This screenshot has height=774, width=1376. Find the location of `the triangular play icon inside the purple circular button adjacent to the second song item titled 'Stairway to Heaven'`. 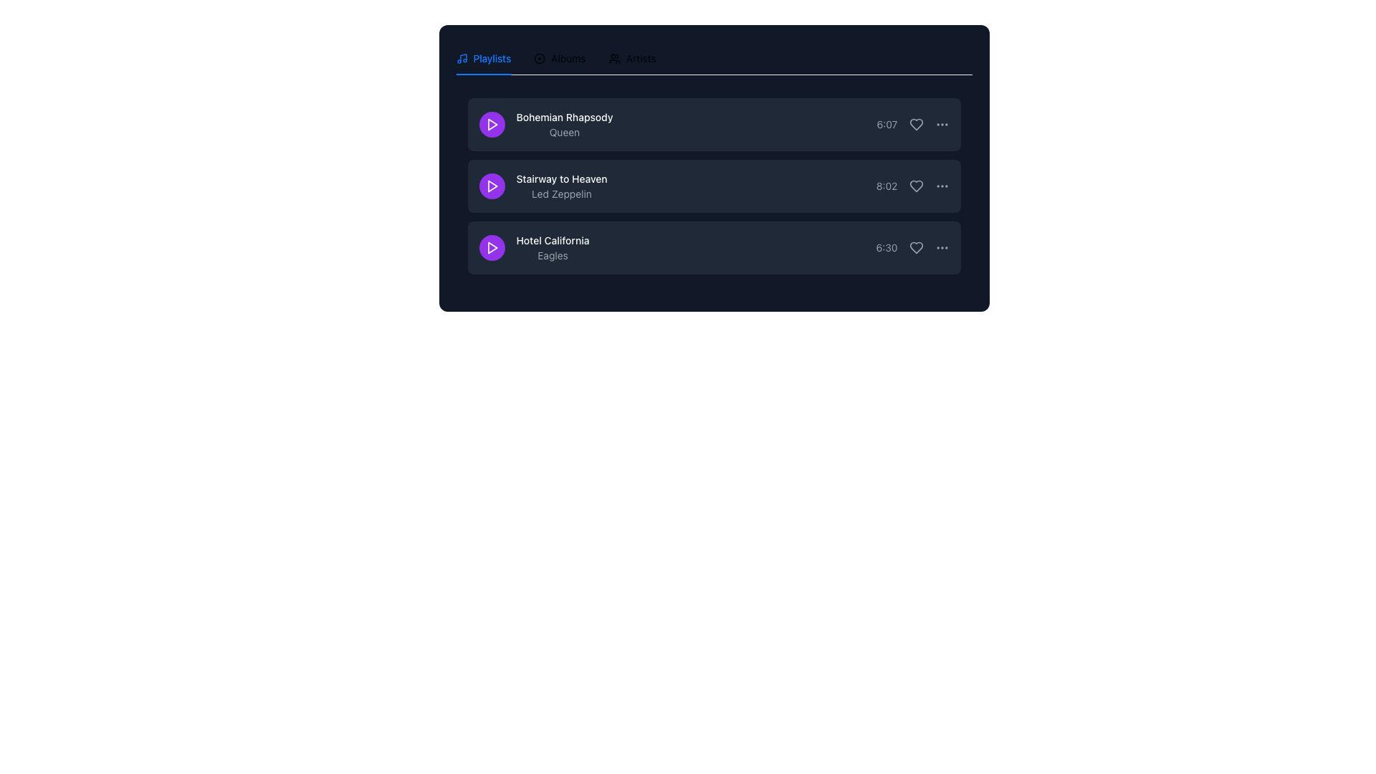

the triangular play icon inside the purple circular button adjacent to the second song item titled 'Stairway to Heaven' is located at coordinates (492, 185).